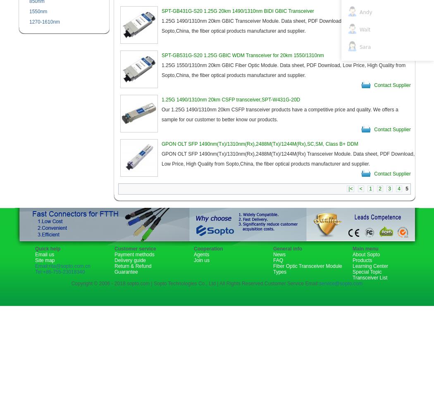 This screenshot has height=414, width=434. I want to click on 'Our 1.25G 1490/1310nm 20km CSFP transceiver products have a competitive price and quality. We offers a sample for our customer to better know our products.', so click(280, 115).